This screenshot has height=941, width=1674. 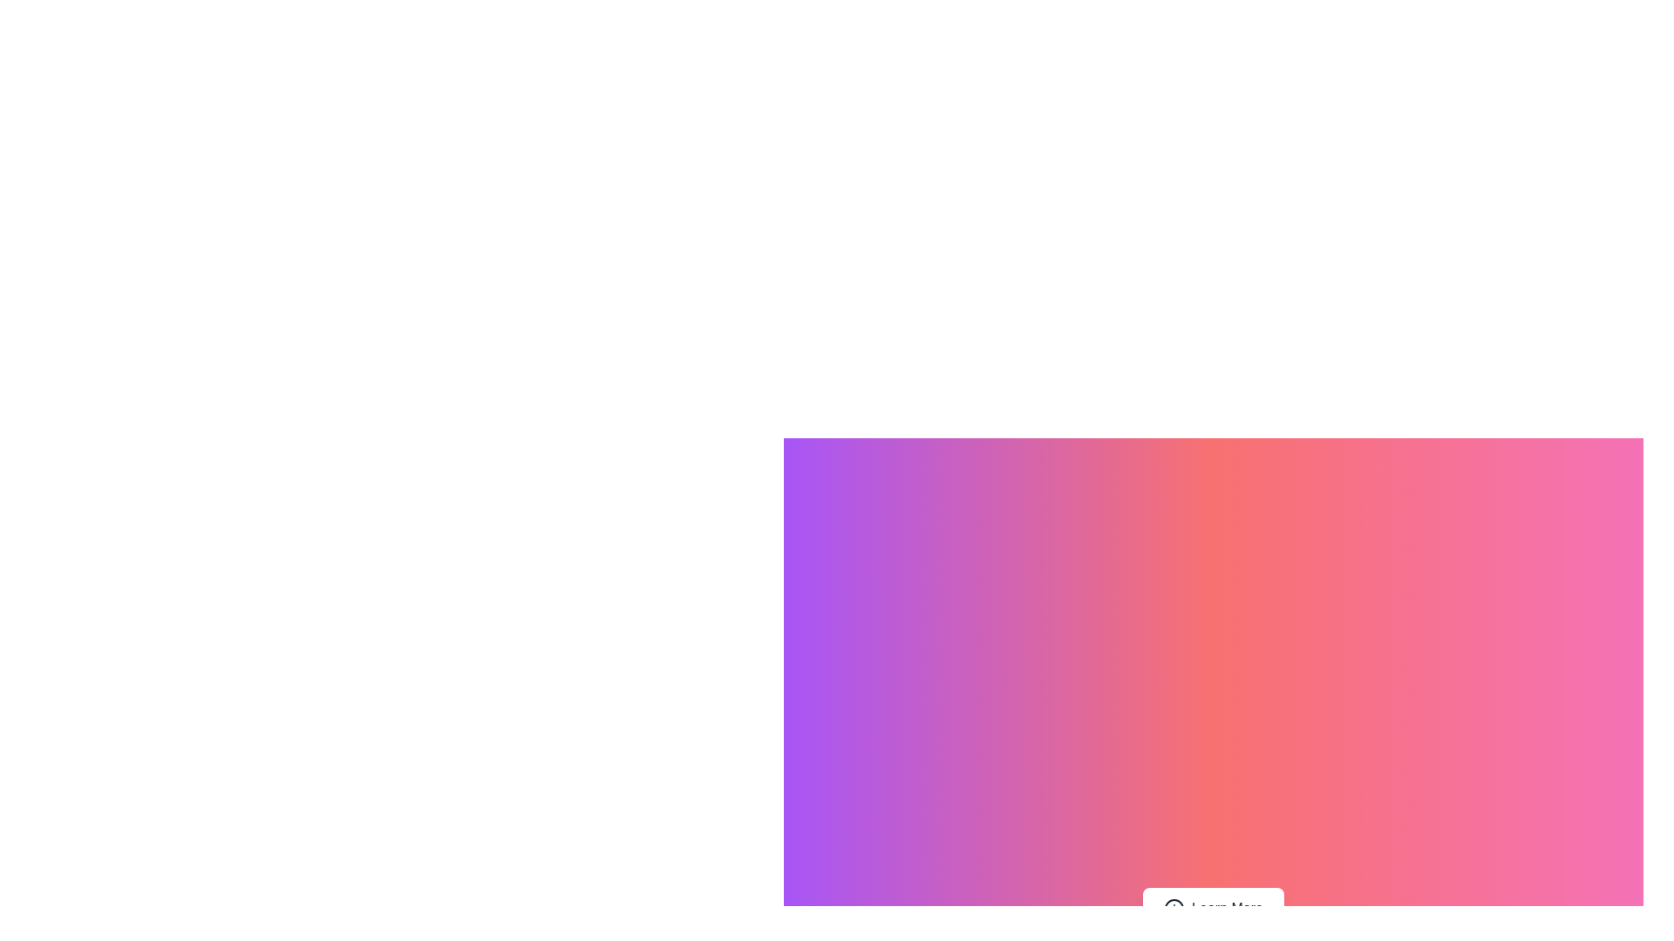 What do you see at coordinates (1226, 907) in the screenshot?
I see `text of the label within the button located in the lower-central region of the interface, positioned to the right of the circular 'info' icon` at bounding box center [1226, 907].